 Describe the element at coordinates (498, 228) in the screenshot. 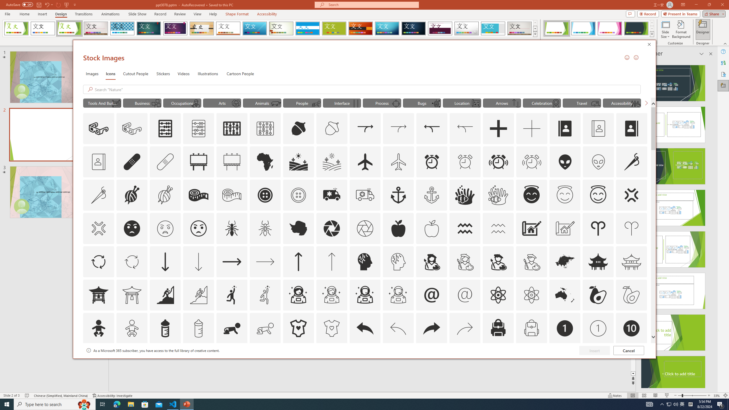

I see `'AutomationID: Icons_Aquarius_M'` at that location.